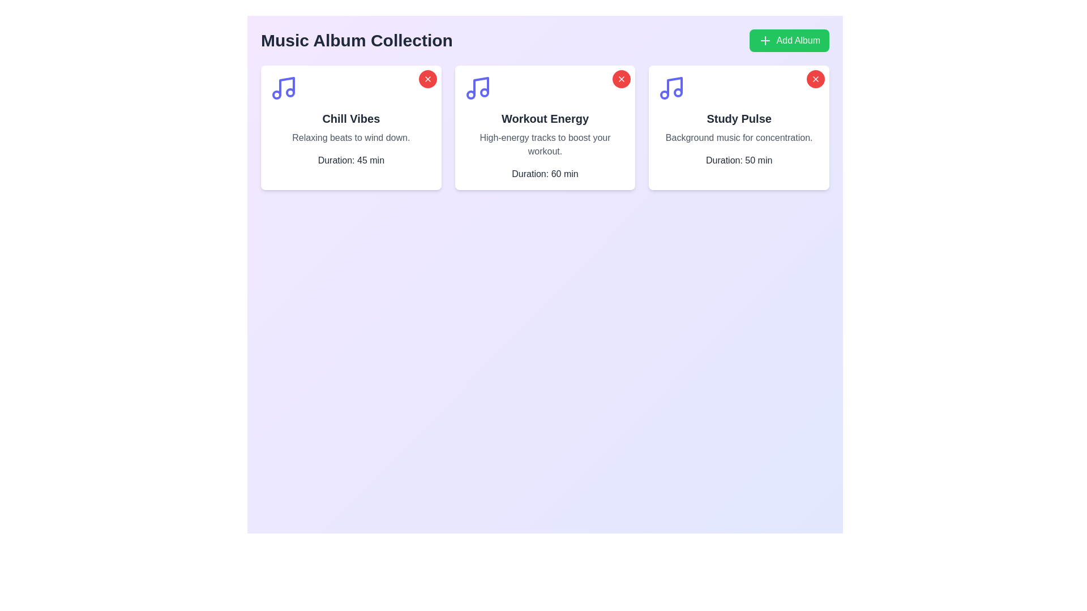 The width and height of the screenshot is (1087, 611). What do you see at coordinates (470, 94) in the screenshot?
I see `the left-most circle of the musical note icon in the 'Workout Energy' card, which serves as a graphical decoration` at bounding box center [470, 94].